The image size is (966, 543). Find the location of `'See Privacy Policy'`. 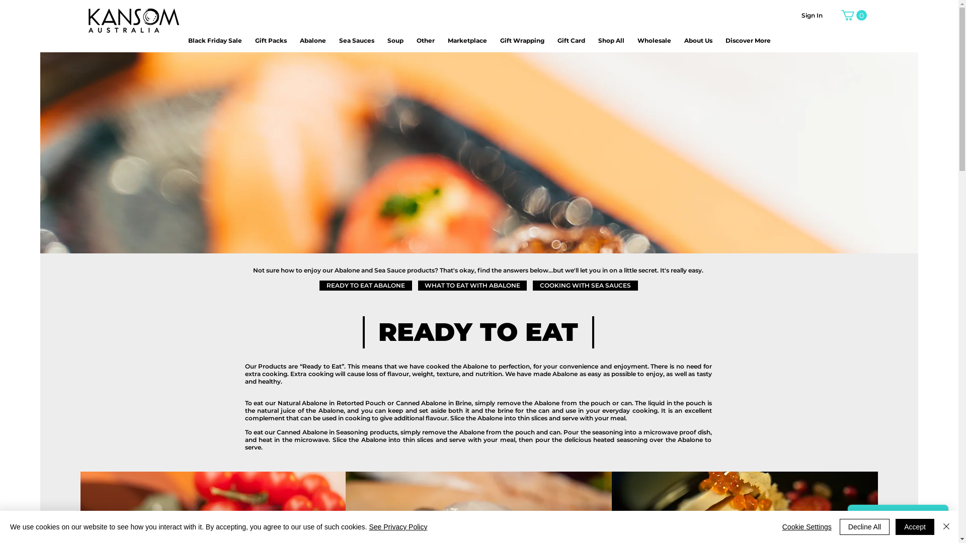

'See Privacy Policy' is located at coordinates (397, 526).